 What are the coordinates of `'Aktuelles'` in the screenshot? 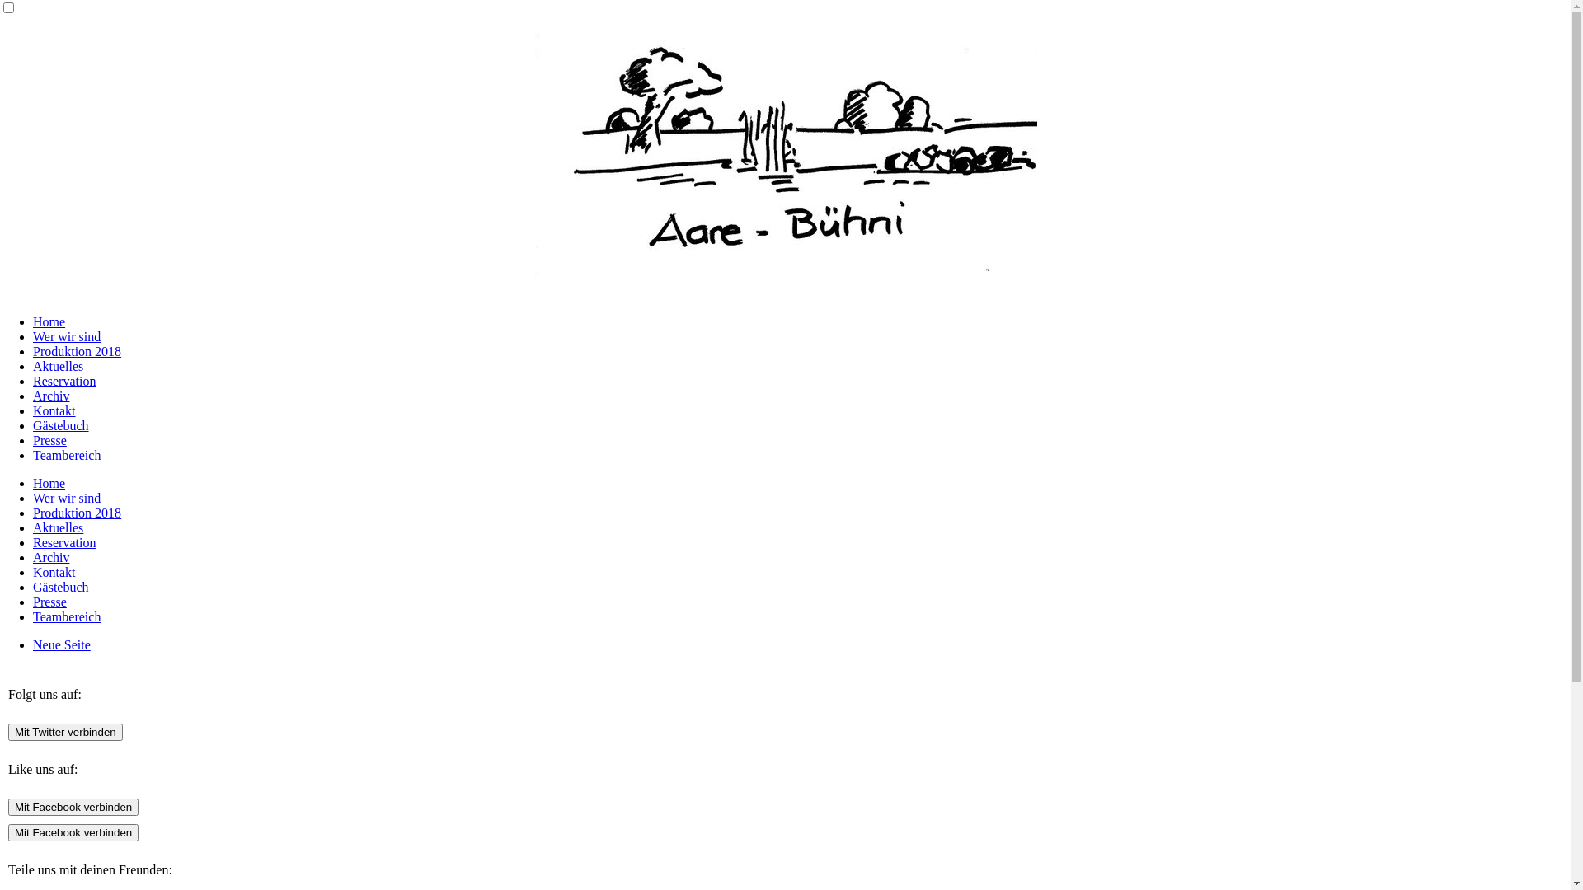 It's located at (58, 365).